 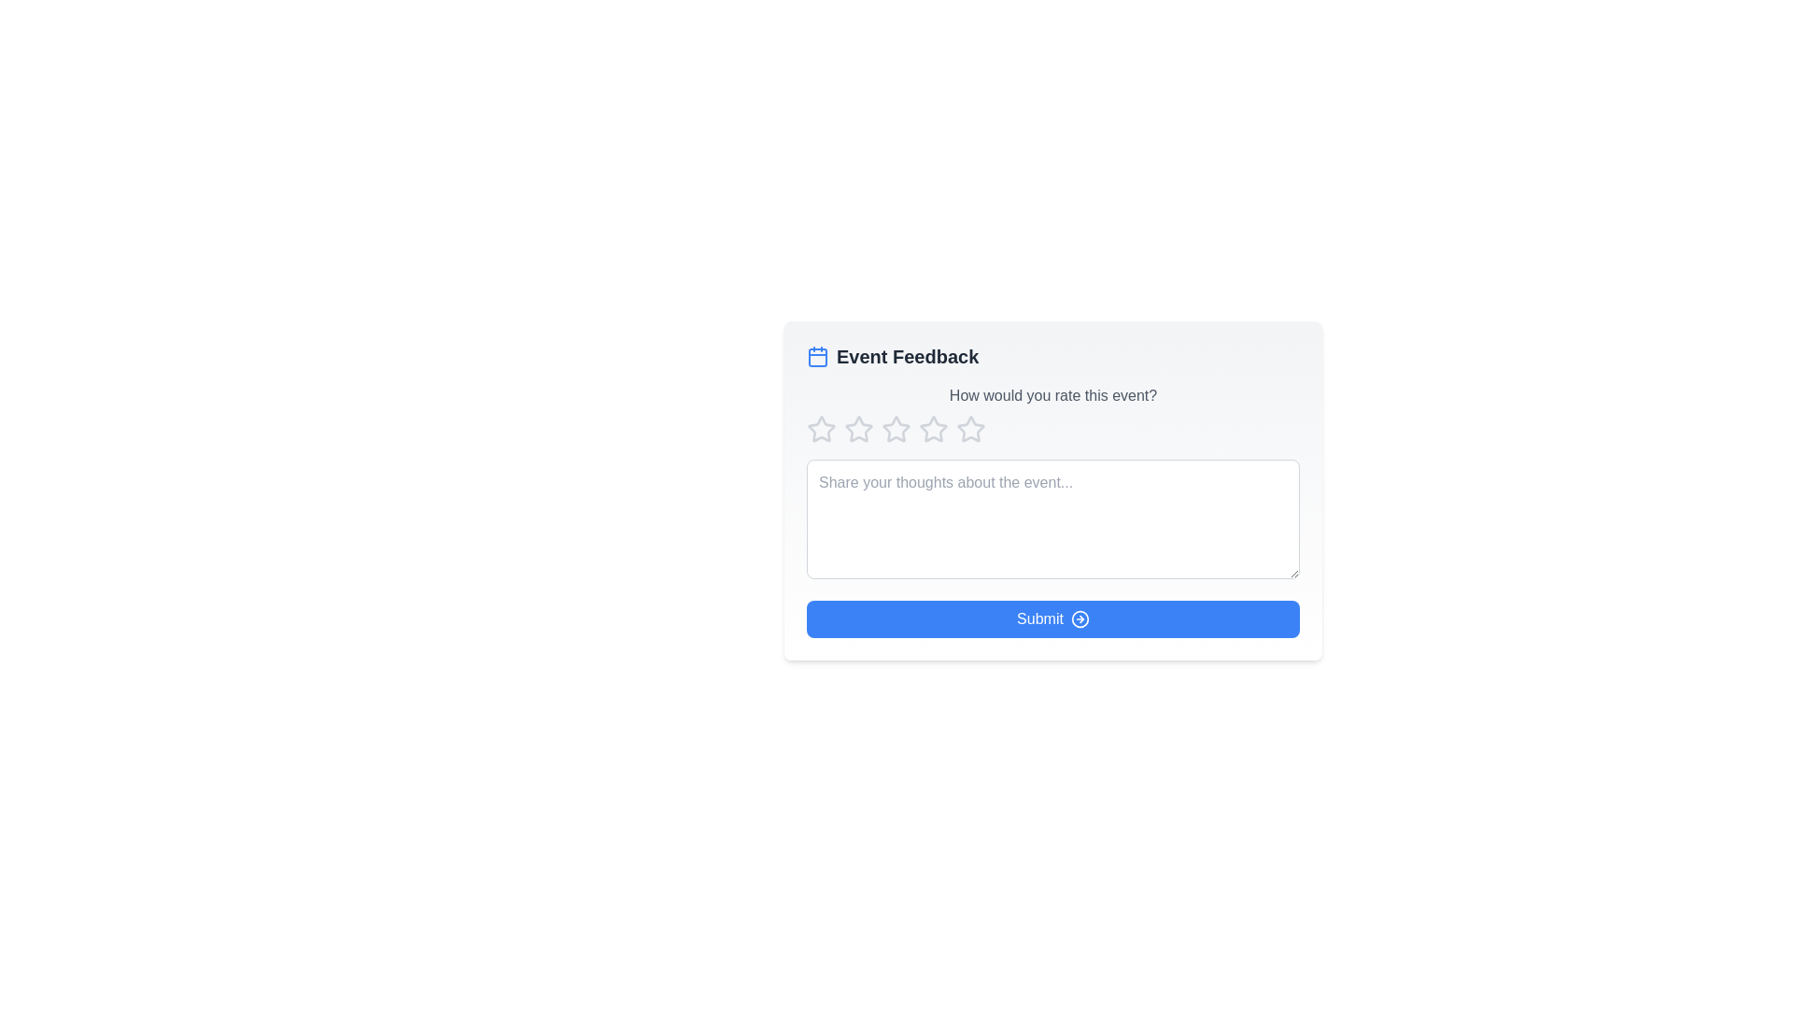 What do you see at coordinates (933, 429) in the screenshot?
I see `the second star icon in the rating system located below the text 'How would you rate this event?'` at bounding box center [933, 429].